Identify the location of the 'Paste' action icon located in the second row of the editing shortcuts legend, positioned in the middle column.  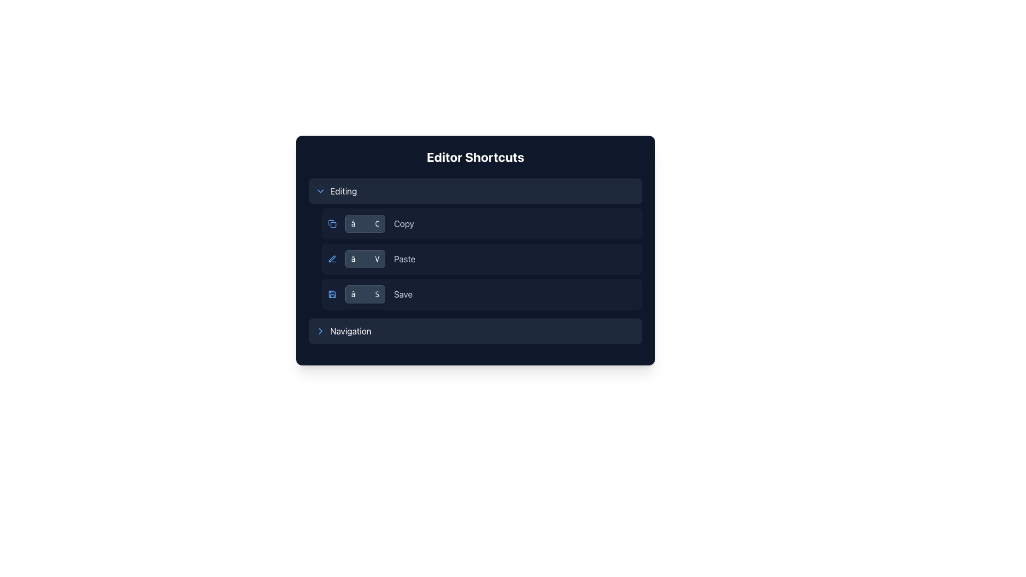
(331, 259).